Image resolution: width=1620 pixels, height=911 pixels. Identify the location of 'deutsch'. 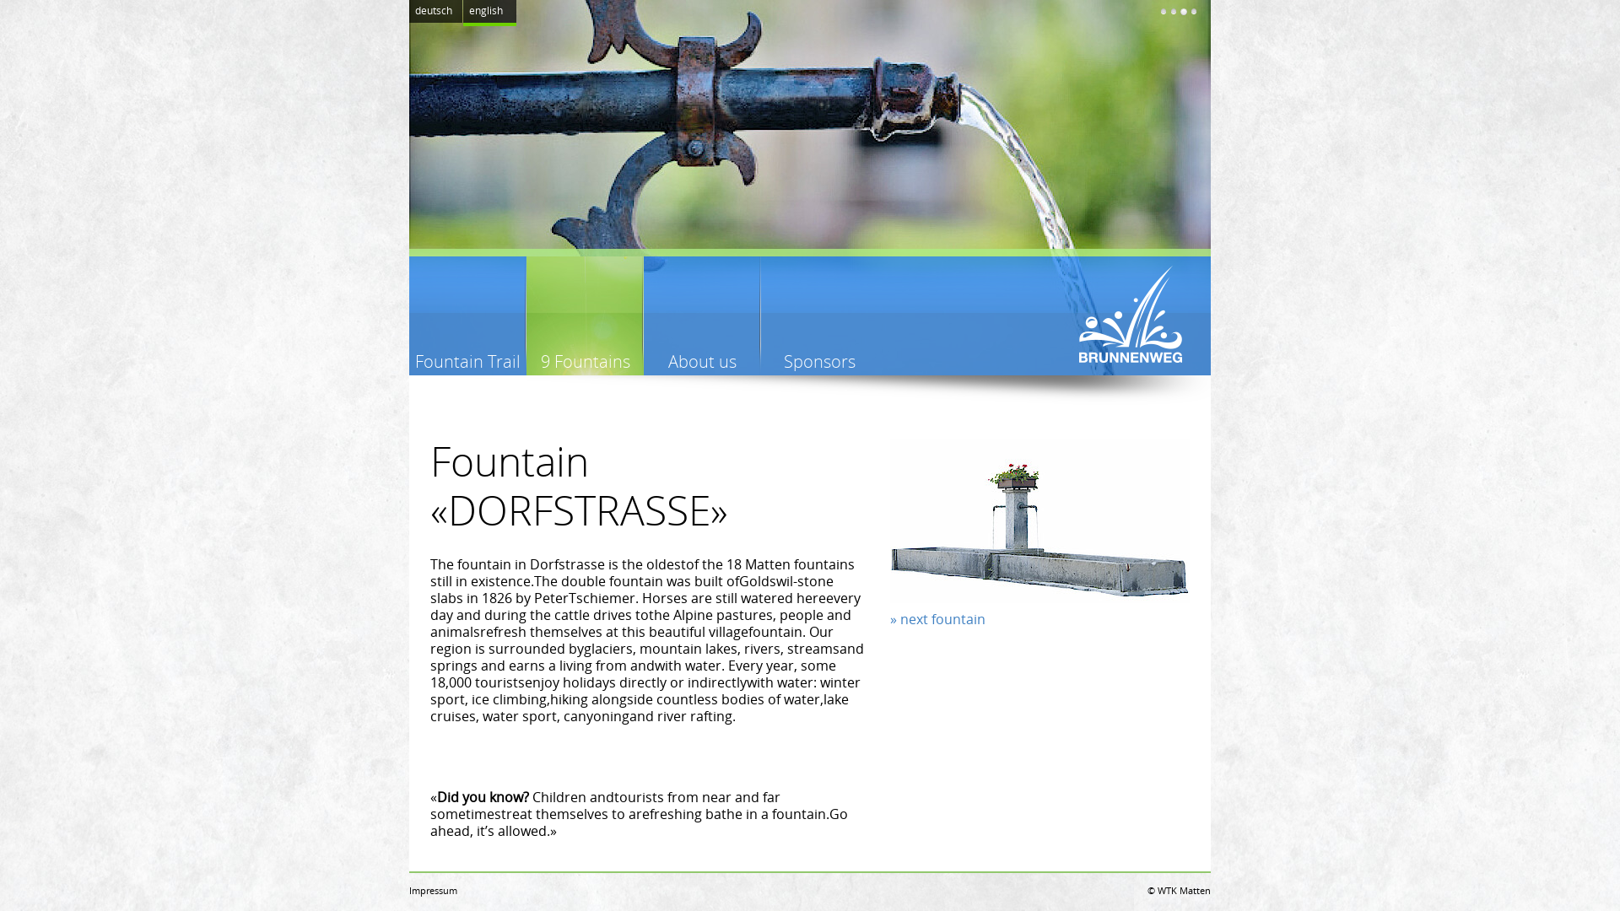
(435, 11).